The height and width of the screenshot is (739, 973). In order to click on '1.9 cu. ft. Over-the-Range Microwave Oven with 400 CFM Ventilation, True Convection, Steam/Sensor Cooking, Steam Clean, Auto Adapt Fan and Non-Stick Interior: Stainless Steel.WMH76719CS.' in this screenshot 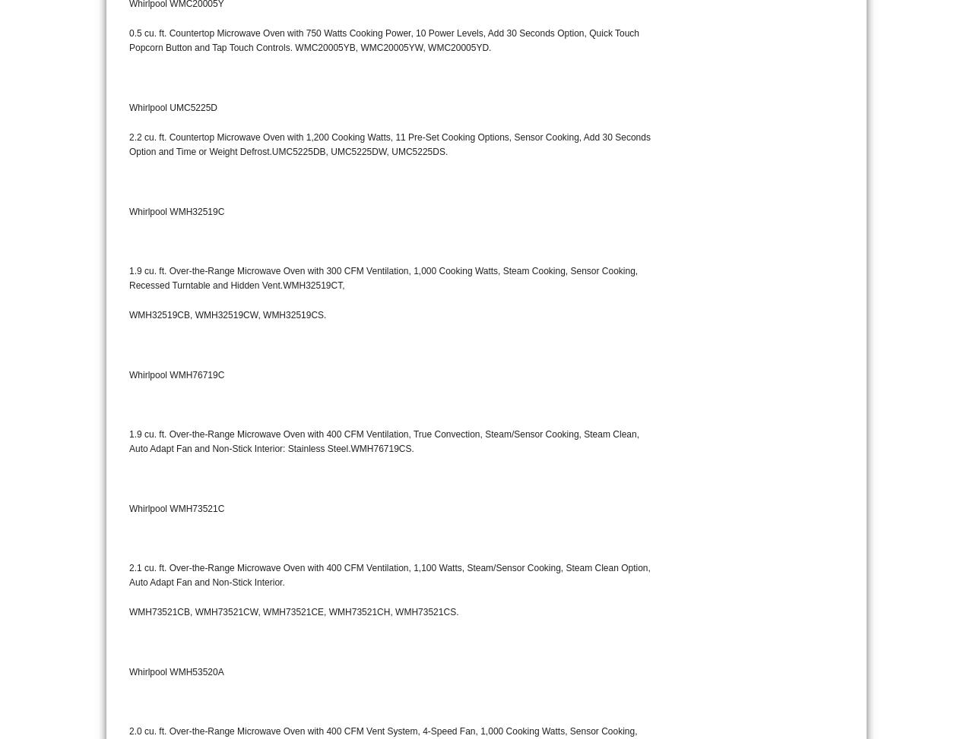, I will do `click(383, 441)`.